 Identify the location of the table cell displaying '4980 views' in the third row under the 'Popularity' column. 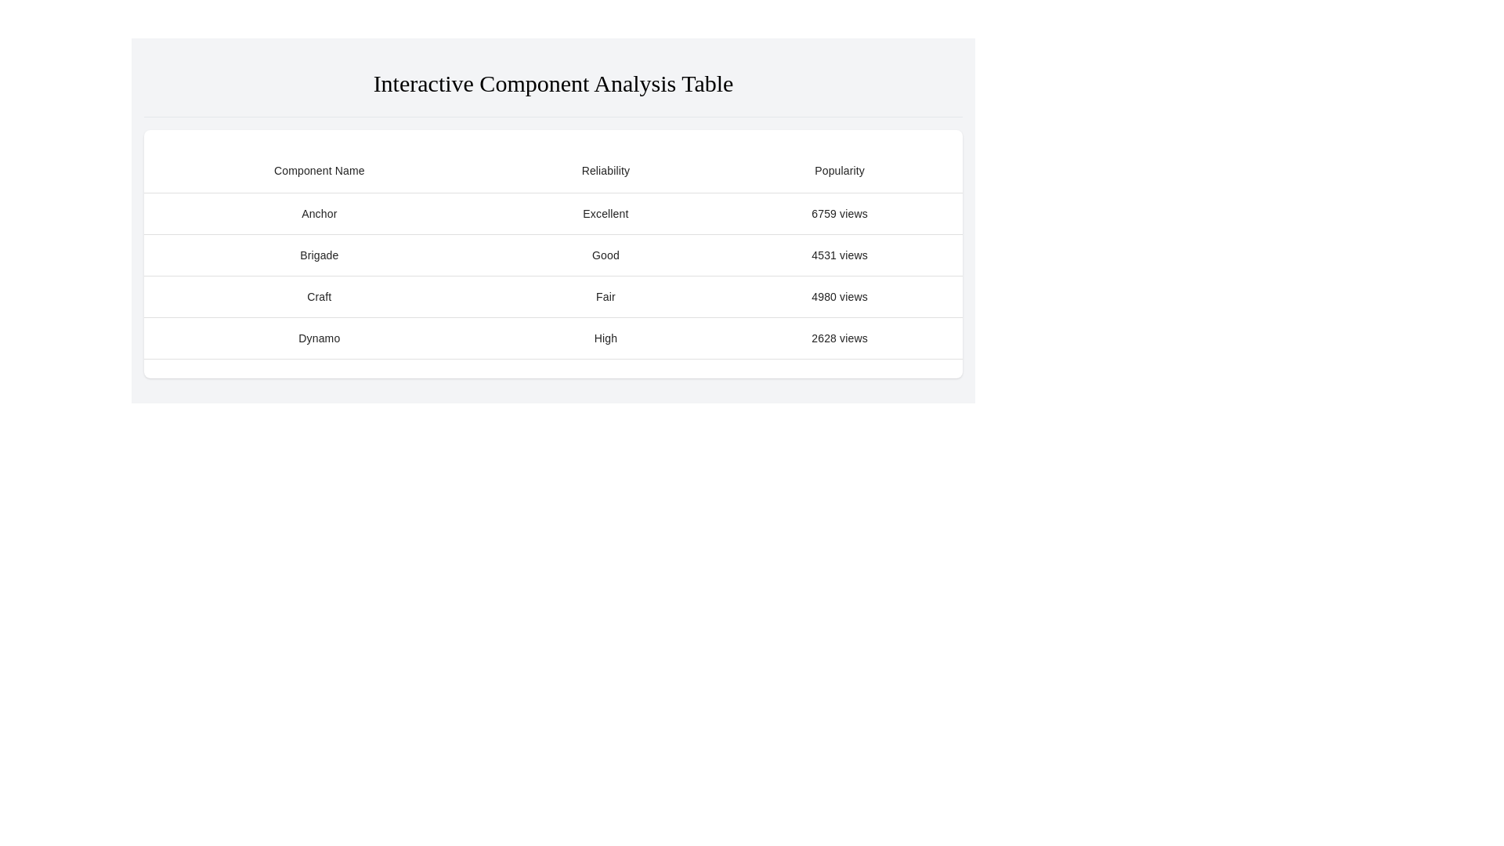
(839, 297).